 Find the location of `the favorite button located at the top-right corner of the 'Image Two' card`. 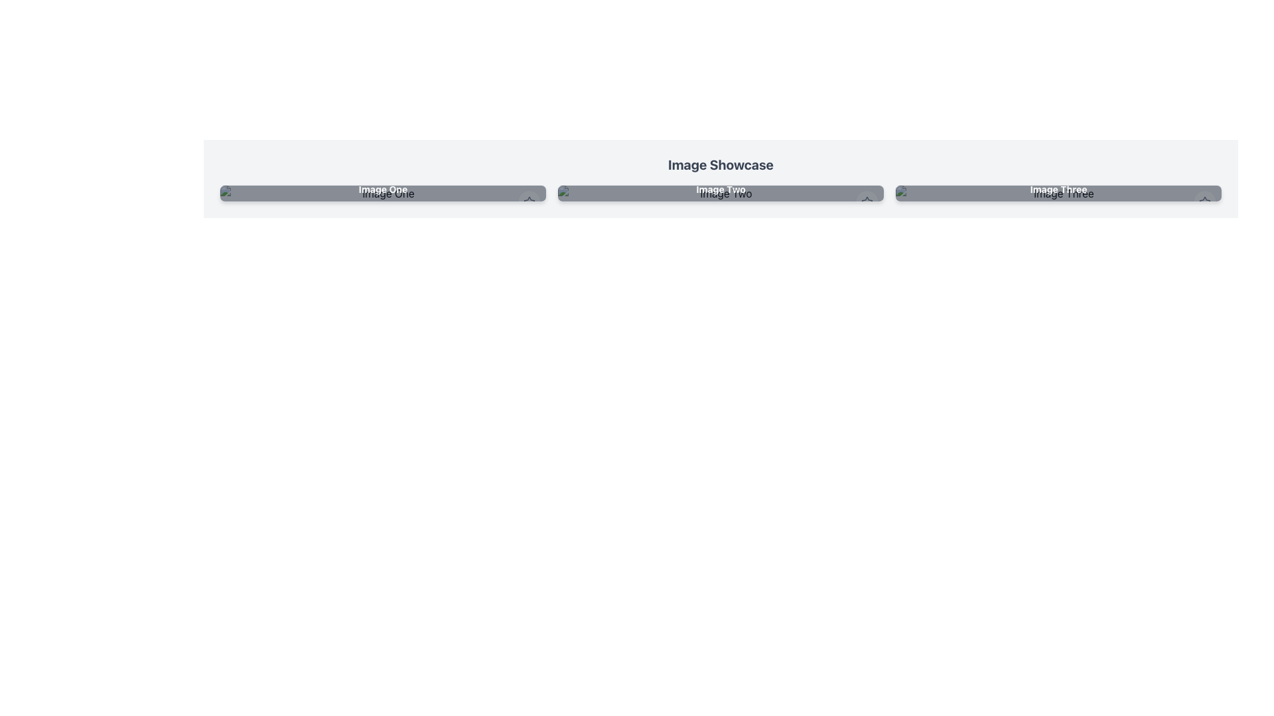

the favorite button located at the top-right corner of the 'Image Two' card is located at coordinates (867, 202).